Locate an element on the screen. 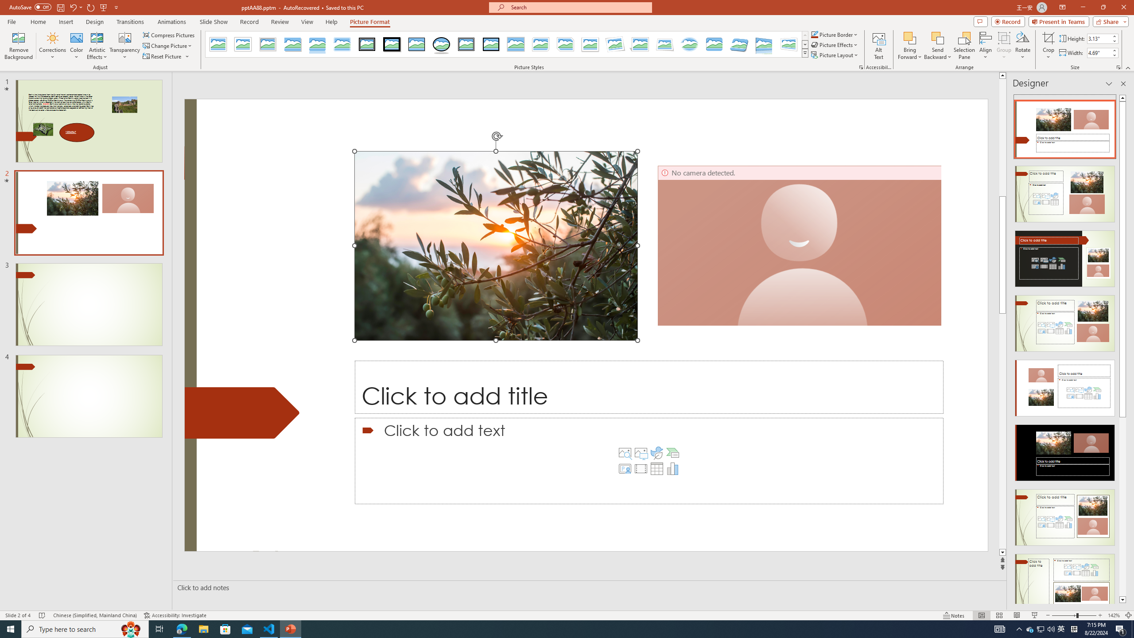 This screenshot has width=1134, height=638. 'Zoom 142%' is located at coordinates (1114, 615).